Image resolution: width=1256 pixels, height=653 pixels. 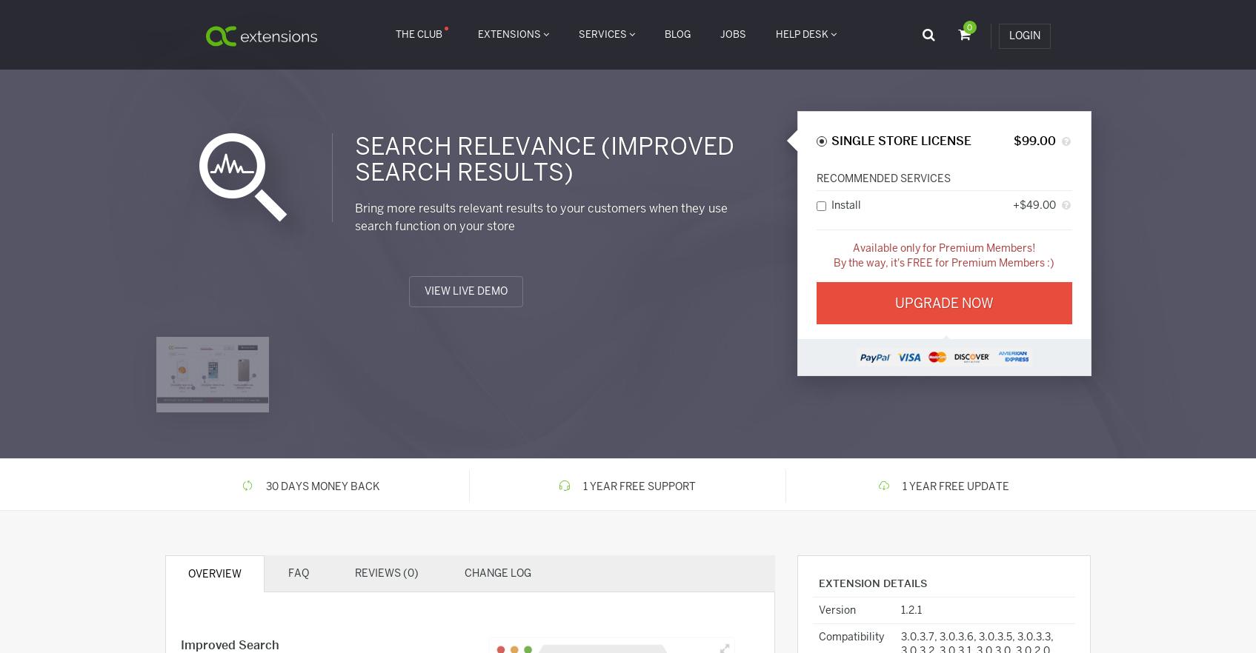 What do you see at coordinates (385, 572) in the screenshot?
I see `'Reviews (0)'` at bounding box center [385, 572].